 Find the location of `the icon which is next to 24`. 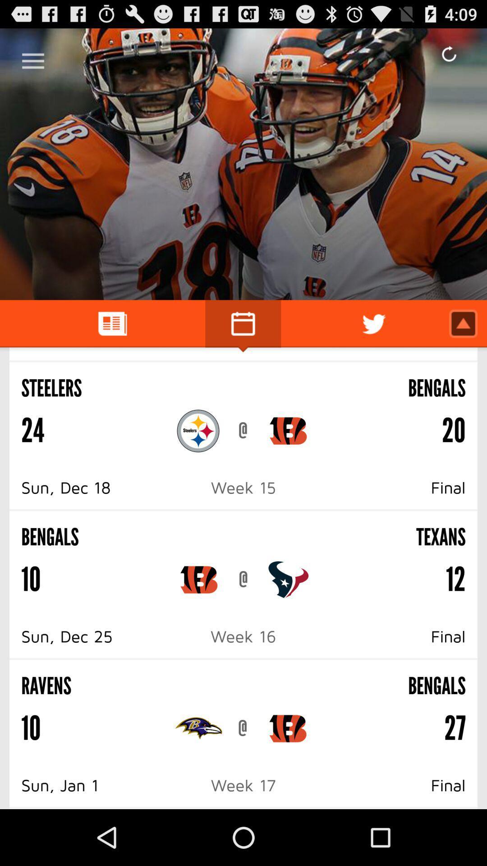

the icon which is next to 24 is located at coordinates (198, 430).